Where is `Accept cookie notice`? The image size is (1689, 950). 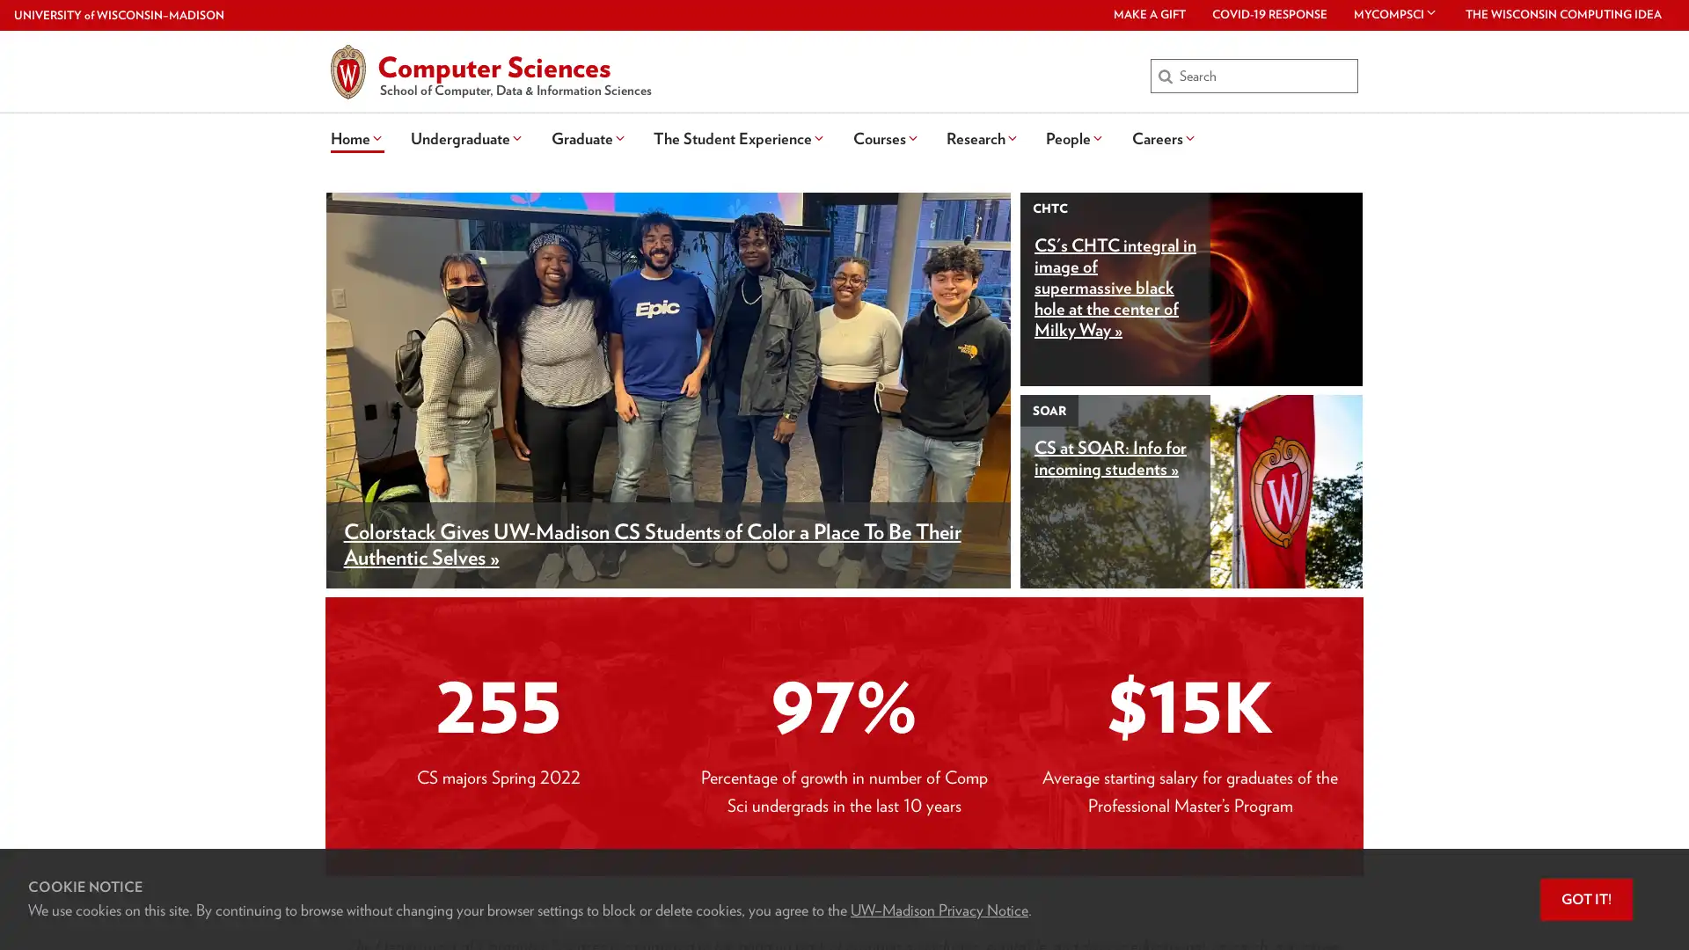 Accept cookie notice is located at coordinates (1586, 899).